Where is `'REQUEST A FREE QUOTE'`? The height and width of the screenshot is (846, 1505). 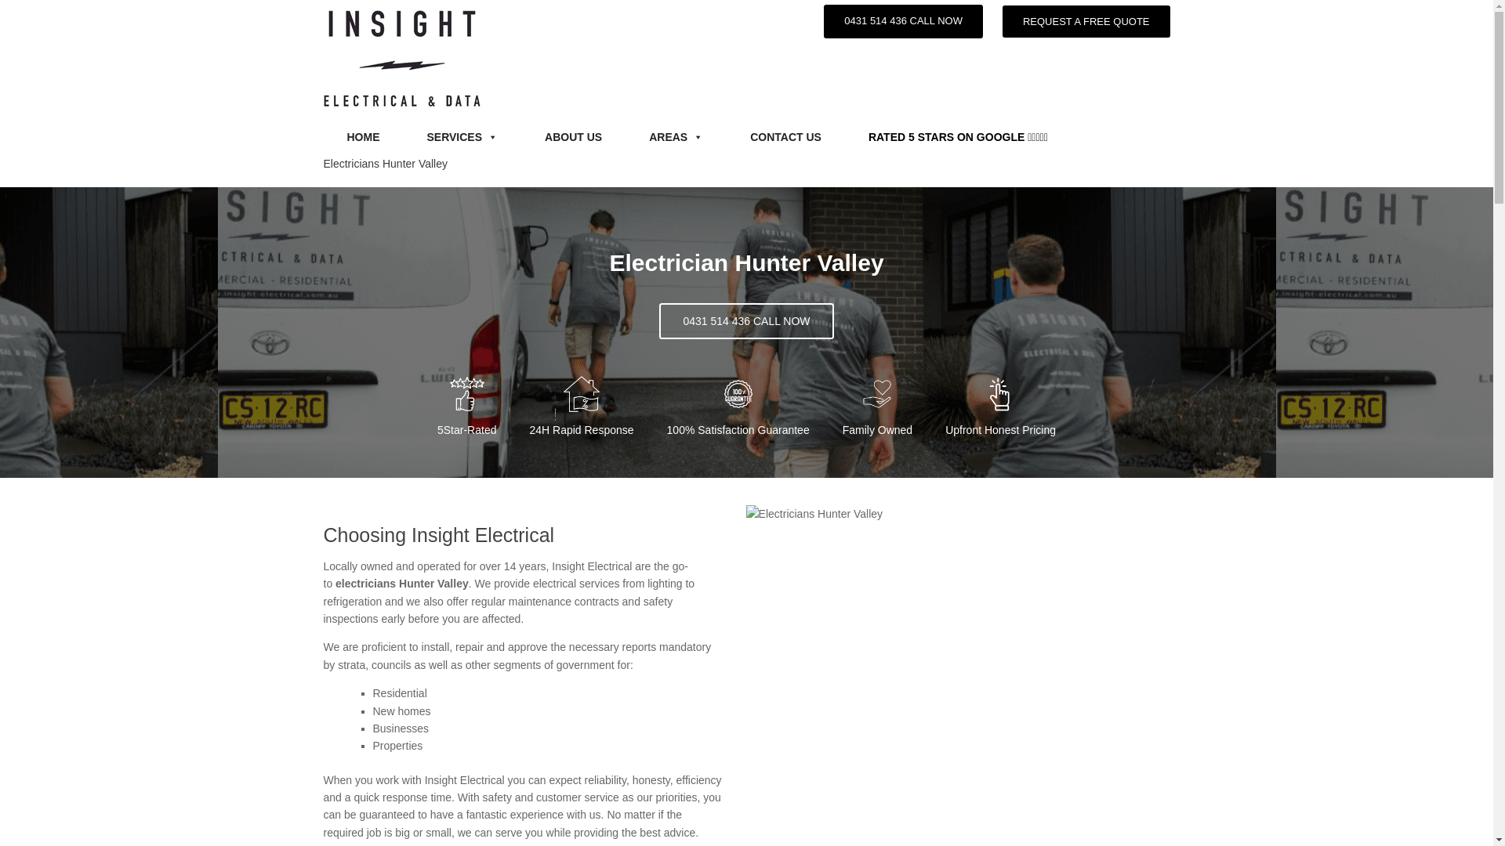 'REQUEST A FREE QUOTE' is located at coordinates (1086, 21).